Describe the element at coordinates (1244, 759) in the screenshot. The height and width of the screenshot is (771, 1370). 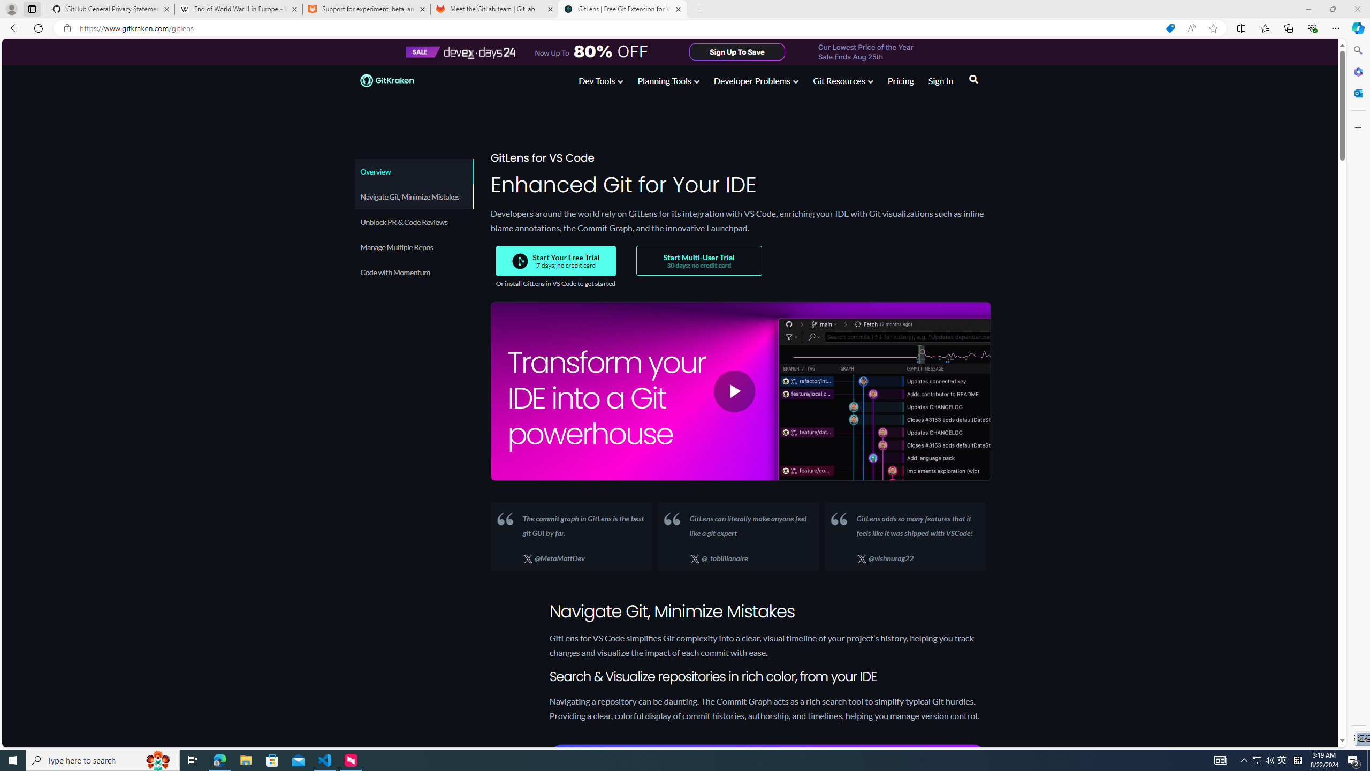
I see `'Notification Chevron'` at that location.